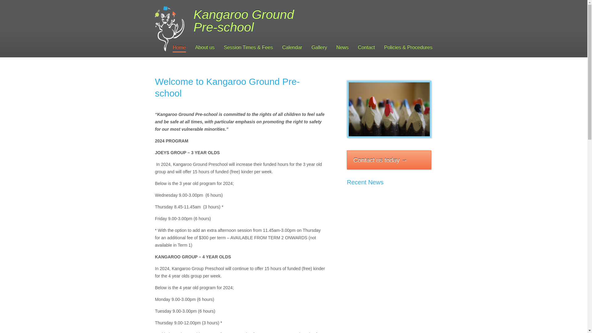 The width and height of the screenshot is (592, 333). What do you see at coordinates (336, 47) in the screenshot?
I see `'News'` at bounding box center [336, 47].